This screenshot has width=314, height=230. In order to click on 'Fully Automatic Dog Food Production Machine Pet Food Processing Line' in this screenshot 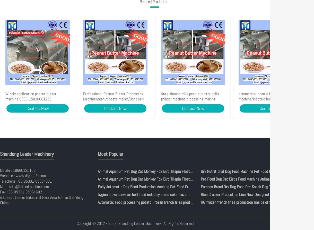, I will do `click(153, 187)`.